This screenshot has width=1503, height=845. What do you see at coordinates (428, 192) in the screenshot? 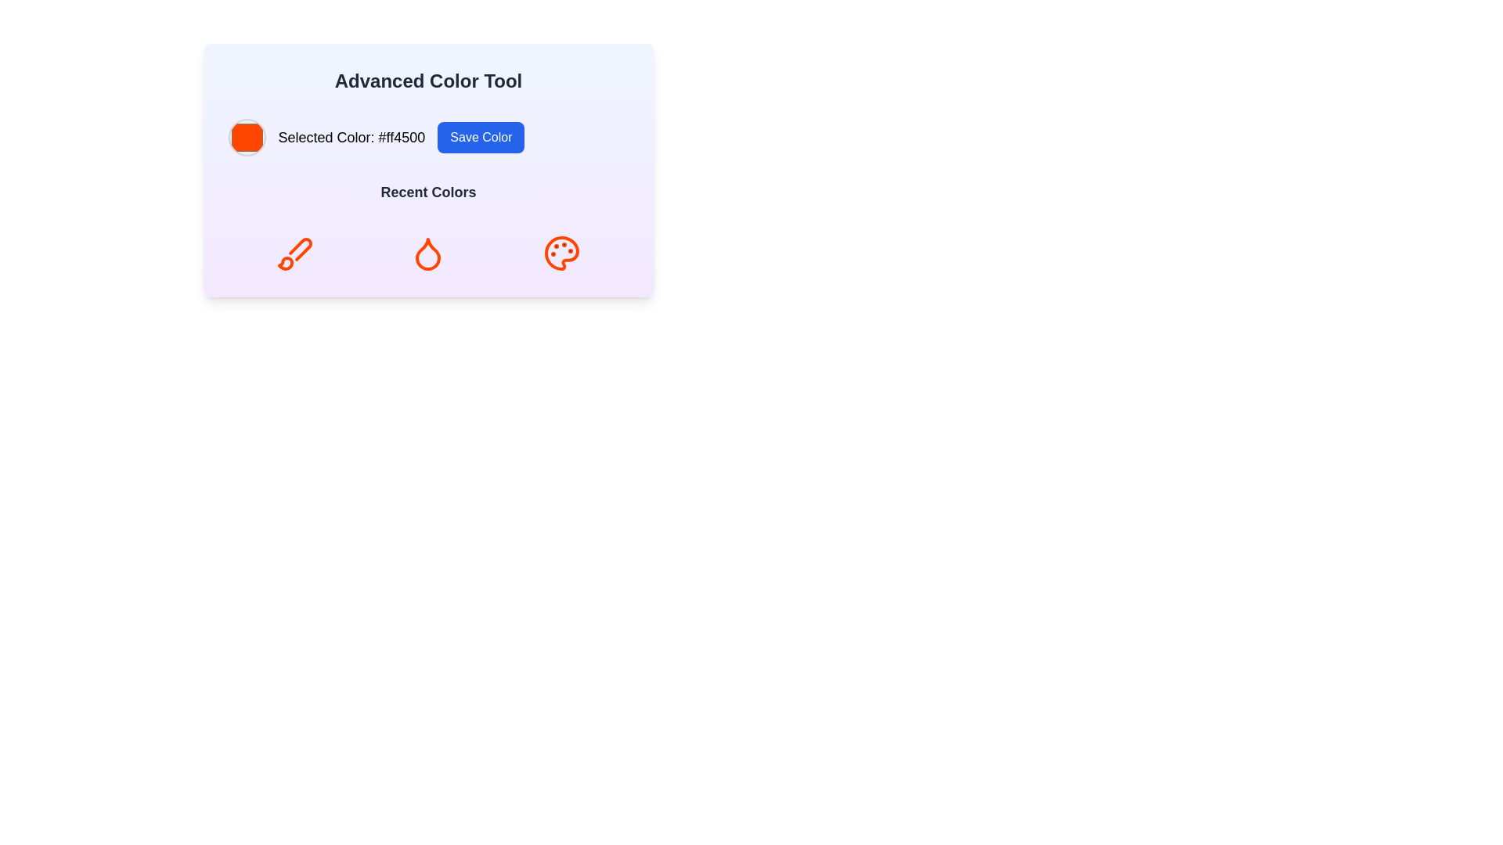
I see `the 'Recent Colors' text label, which is a large, bold gray font on a light background, located just below the main title section` at bounding box center [428, 192].